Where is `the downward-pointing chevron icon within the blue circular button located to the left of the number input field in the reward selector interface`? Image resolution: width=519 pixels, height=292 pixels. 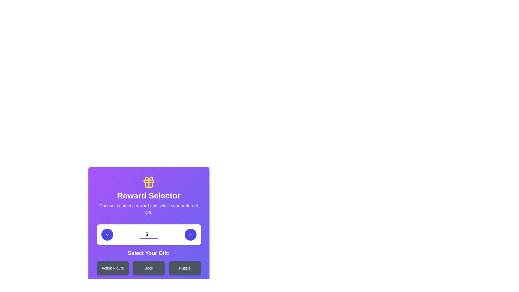 the downward-pointing chevron icon within the blue circular button located to the left of the number input field in the reward selector interface is located at coordinates (107, 234).